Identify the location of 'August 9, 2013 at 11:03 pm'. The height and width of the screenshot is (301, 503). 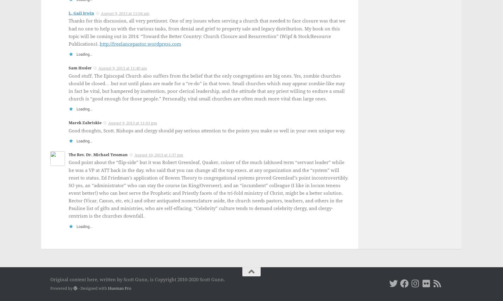
(108, 123).